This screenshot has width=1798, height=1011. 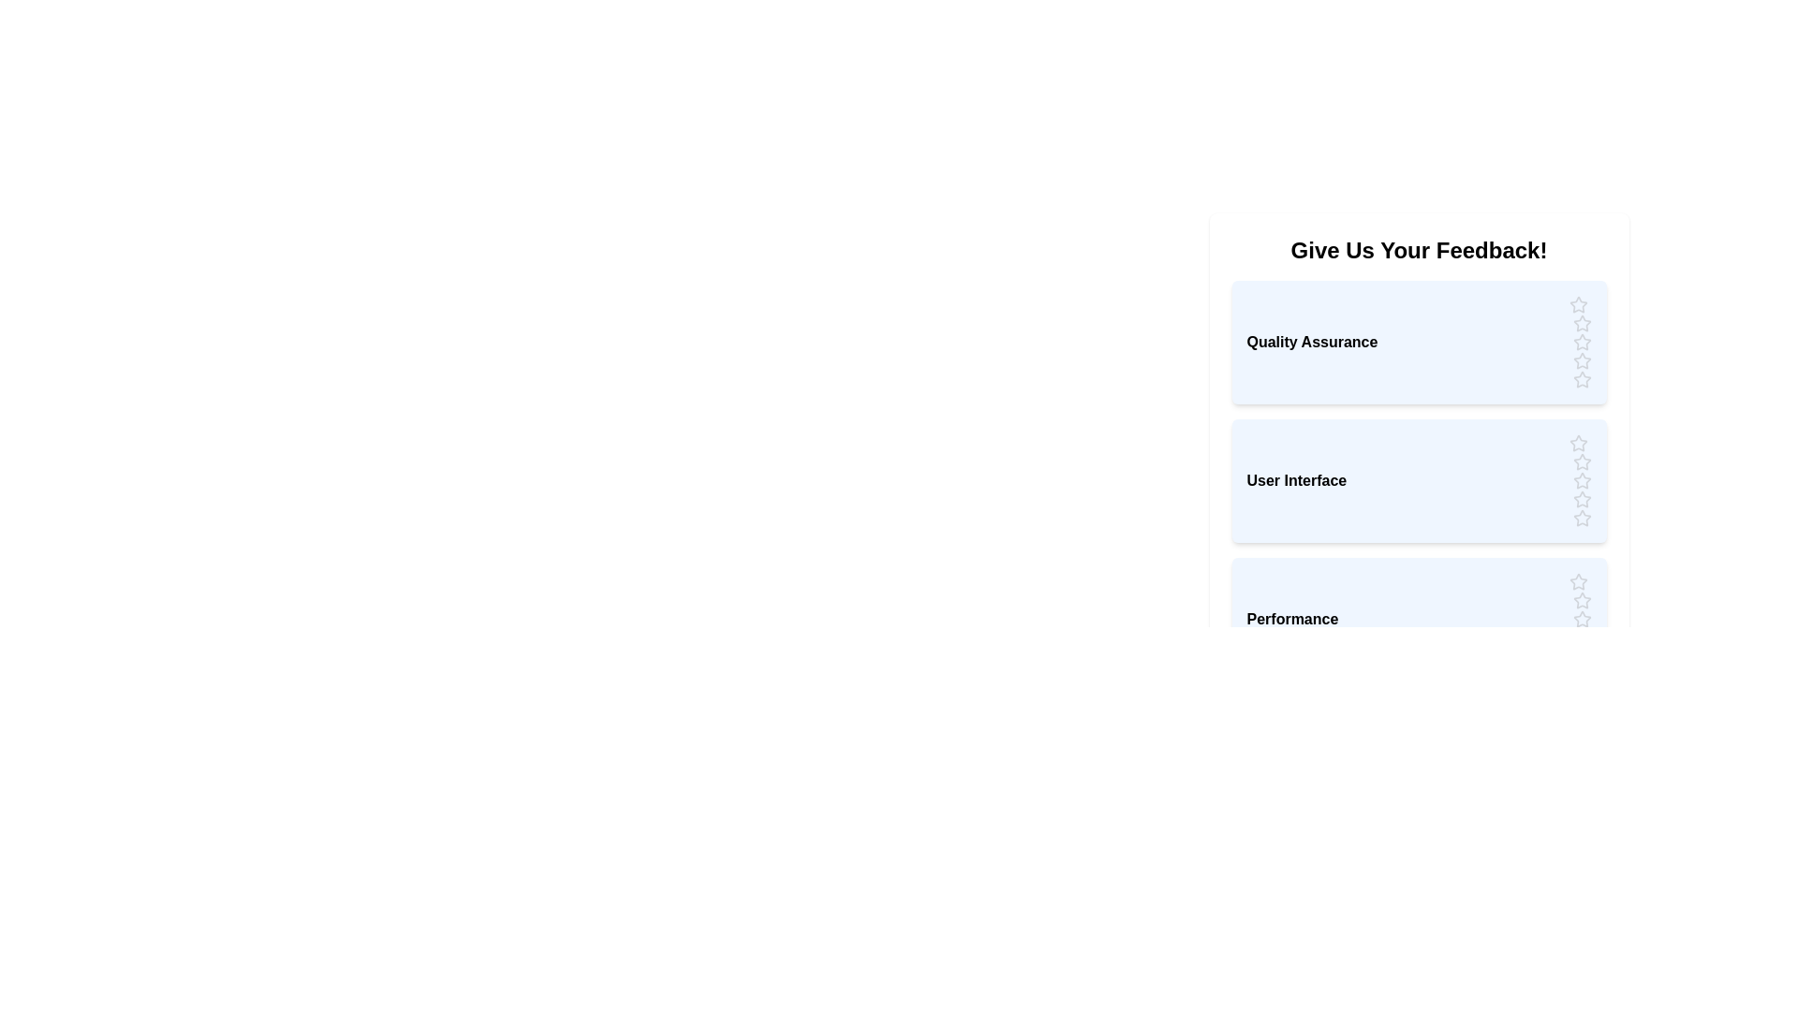 I want to click on the rating for the category 'Performance' to 4 stars, so click(x=1581, y=637).